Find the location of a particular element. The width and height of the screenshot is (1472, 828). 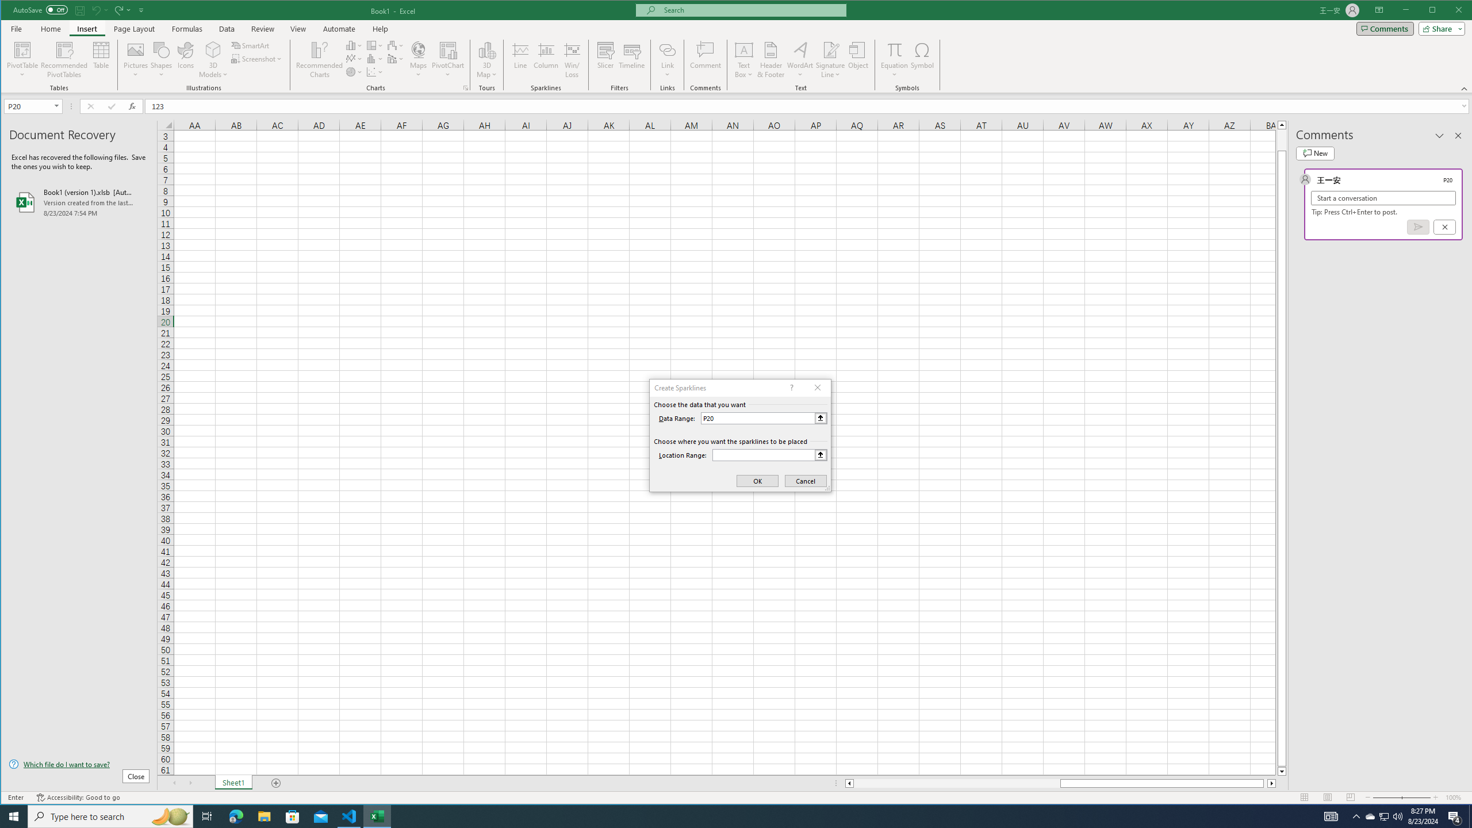

'Draw Horizontal Text Box' is located at coordinates (743, 49).